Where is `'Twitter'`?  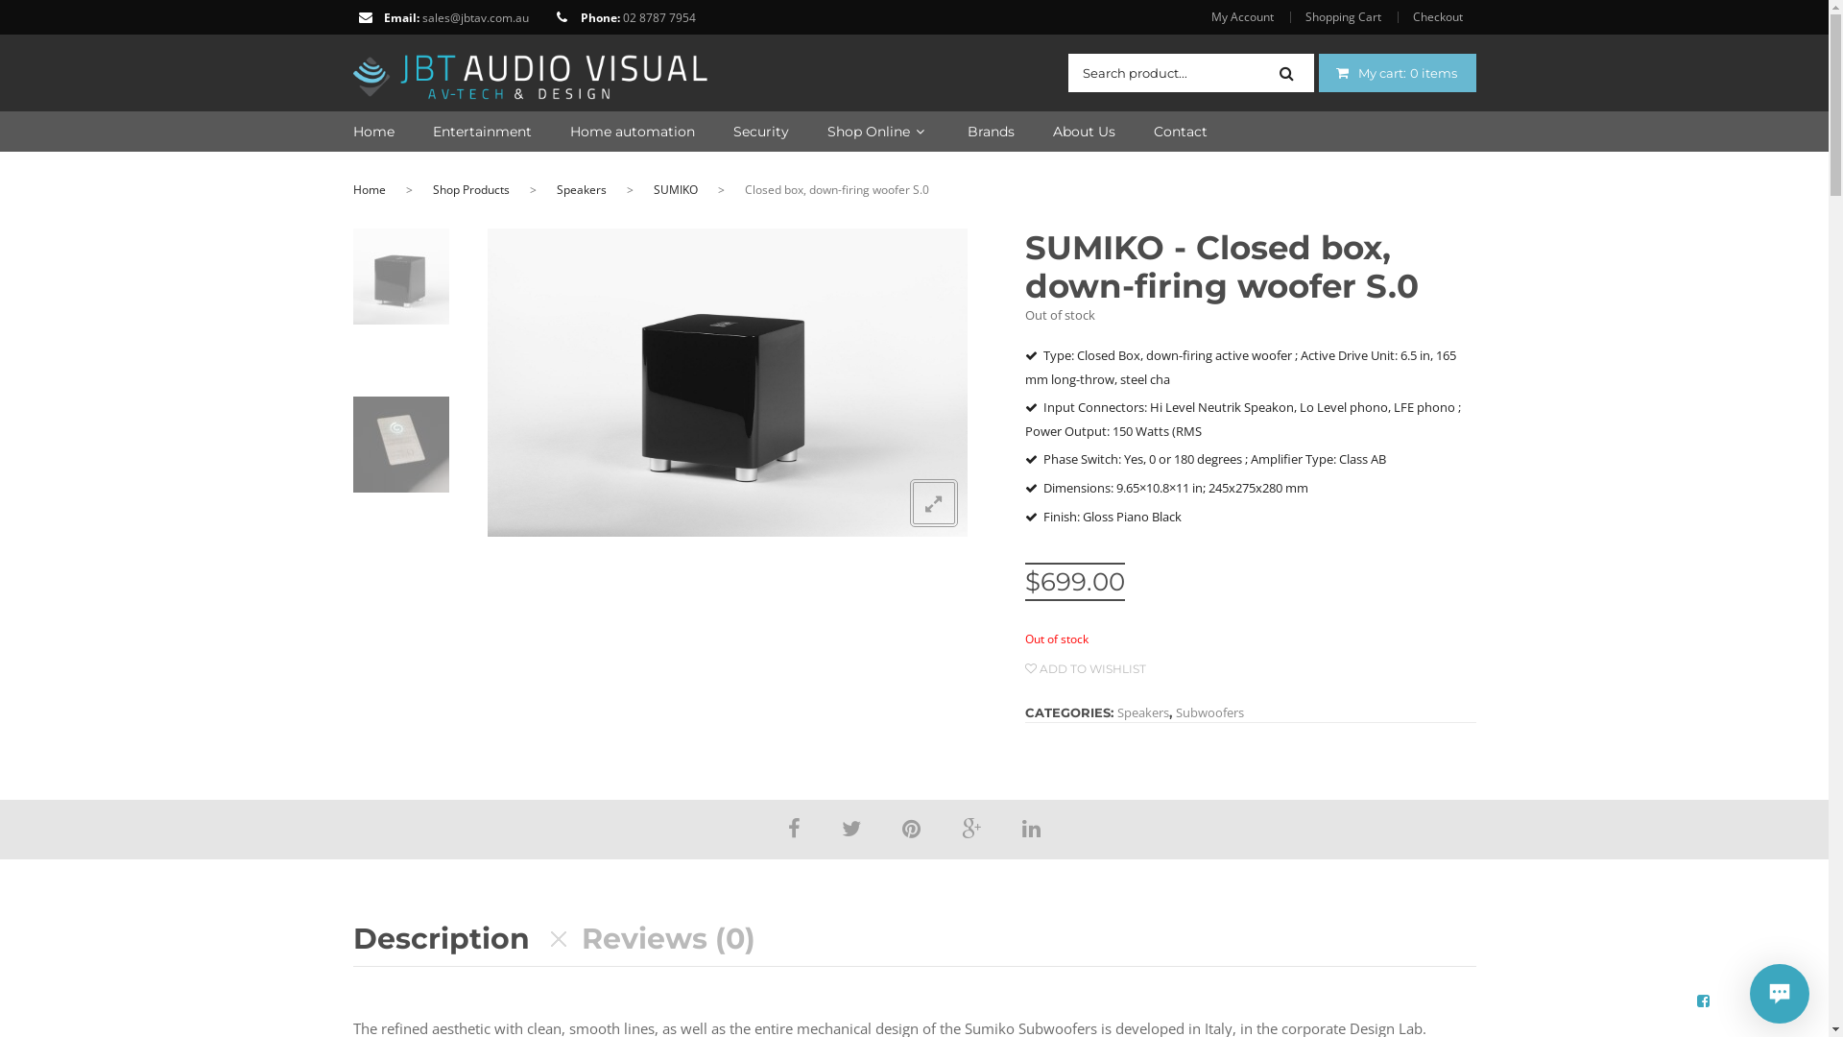 'Twitter' is located at coordinates (850, 826).